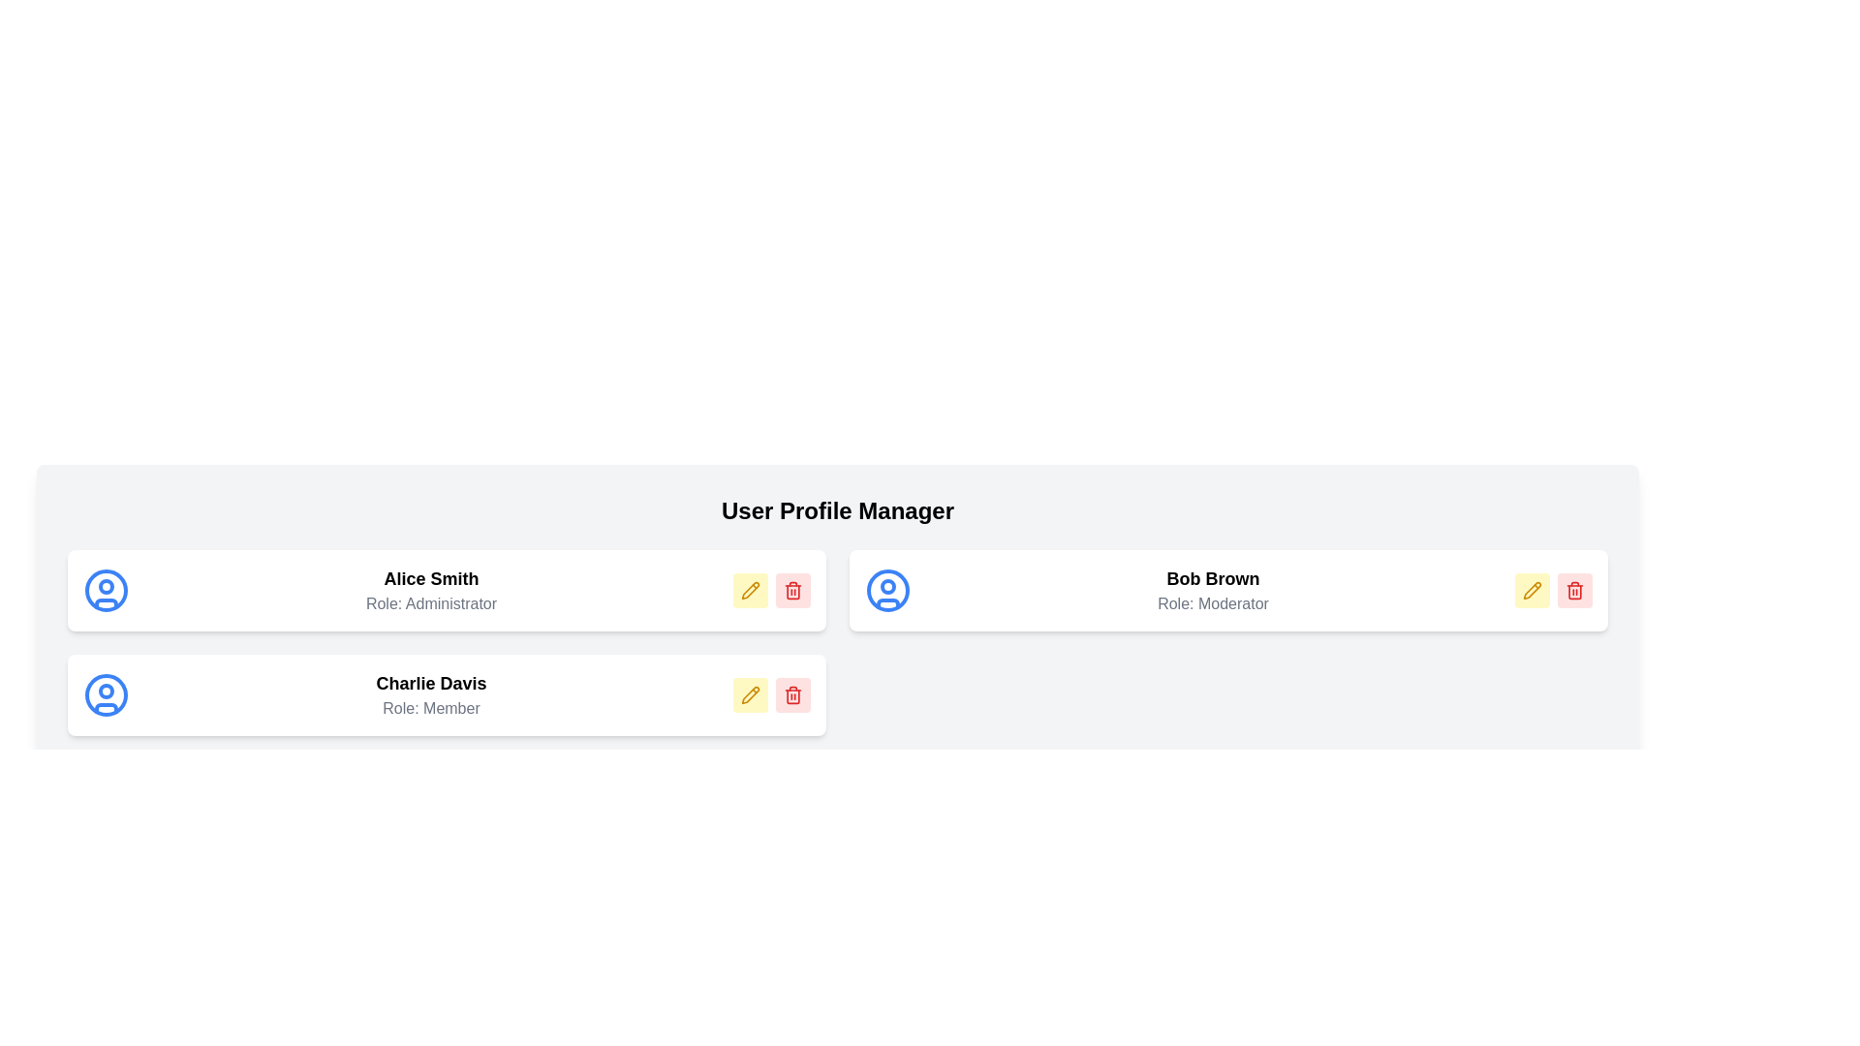 The height and width of the screenshot is (1046, 1860). I want to click on the edit button represented by a pencil icon on the yellow button associated with 'Bob Brown' to initiate editing, so click(1532, 589).